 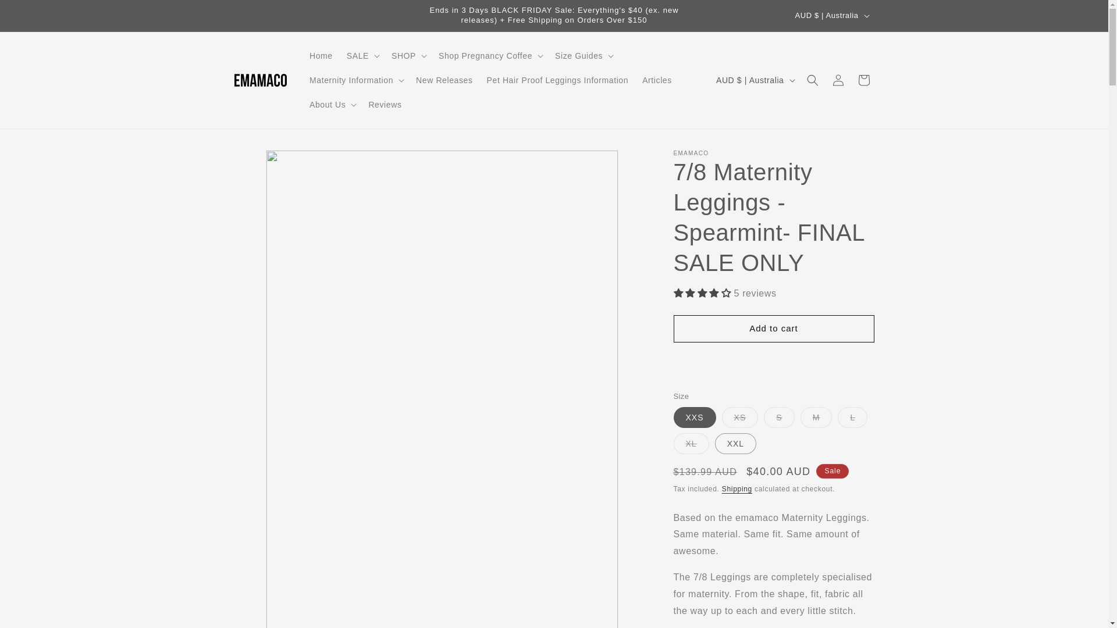 I want to click on 'AUD $ | Australia', so click(x=754, y=80).